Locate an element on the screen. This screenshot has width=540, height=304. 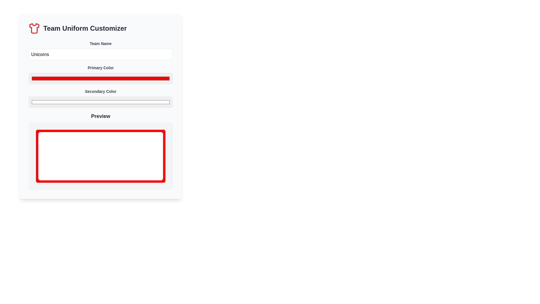
the icon in the Section header that indicates the purpose of the customization interface to initiate an action is located at coordinates (101, 28).